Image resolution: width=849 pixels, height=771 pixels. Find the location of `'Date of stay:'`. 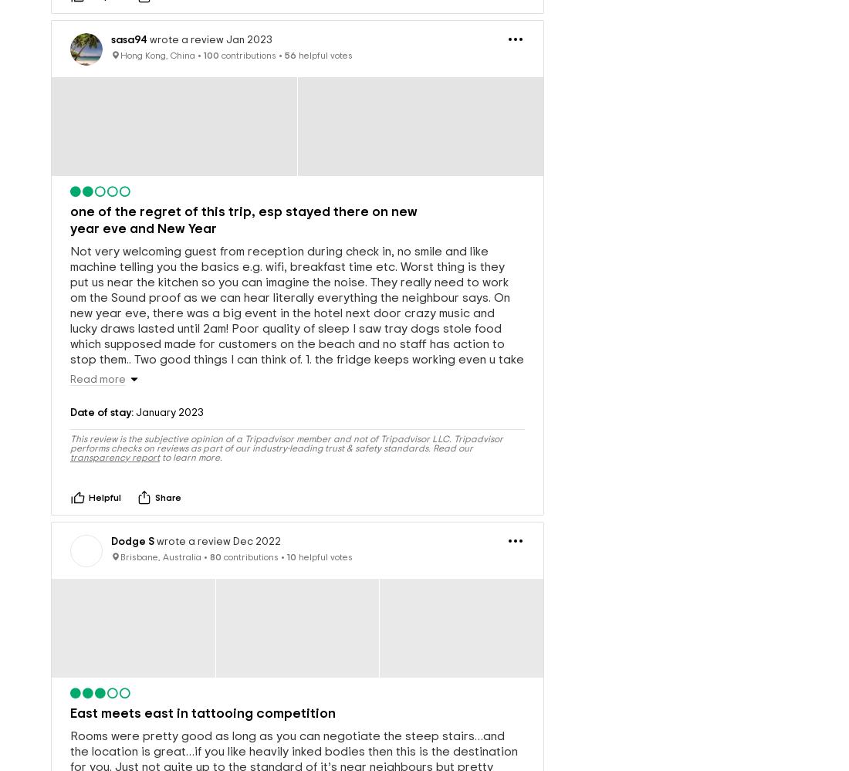

'Date of stay:' is located at coordinates (102, 386).